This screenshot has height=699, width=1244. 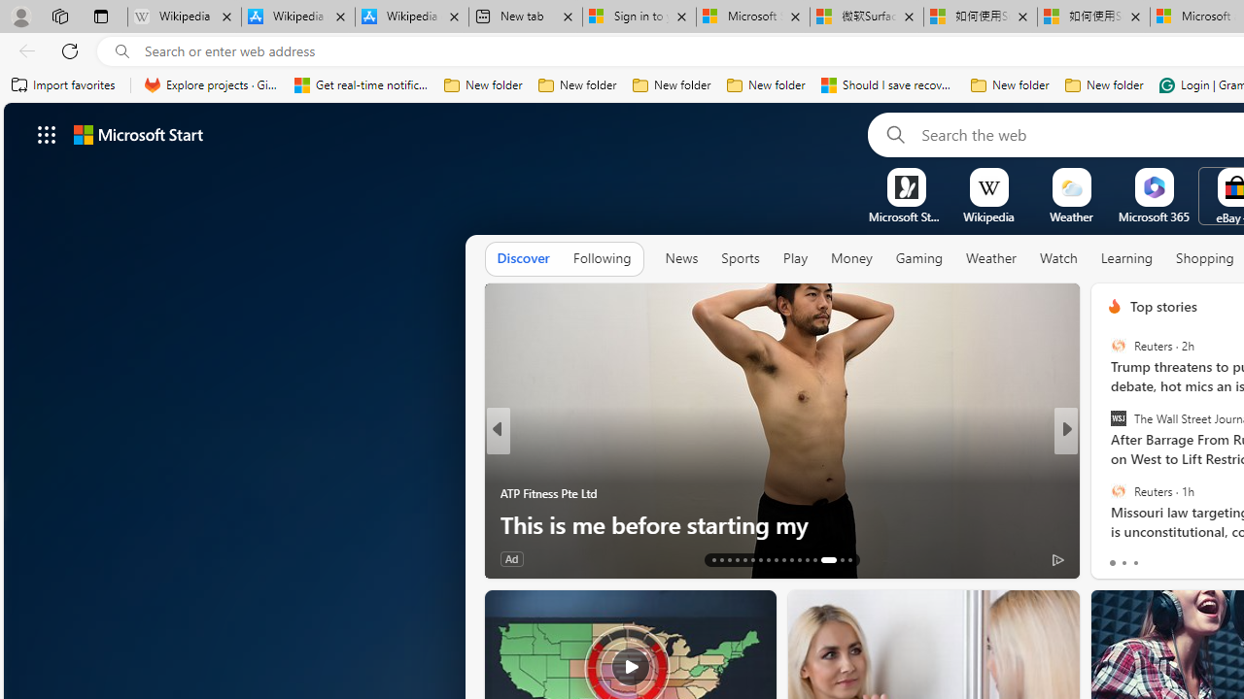 What do you see at coordinates (886, 84) in the screenshot?
I see `'Should I save recovered Word documents? - Microsoft Support'` at bounding box center [886, 84].